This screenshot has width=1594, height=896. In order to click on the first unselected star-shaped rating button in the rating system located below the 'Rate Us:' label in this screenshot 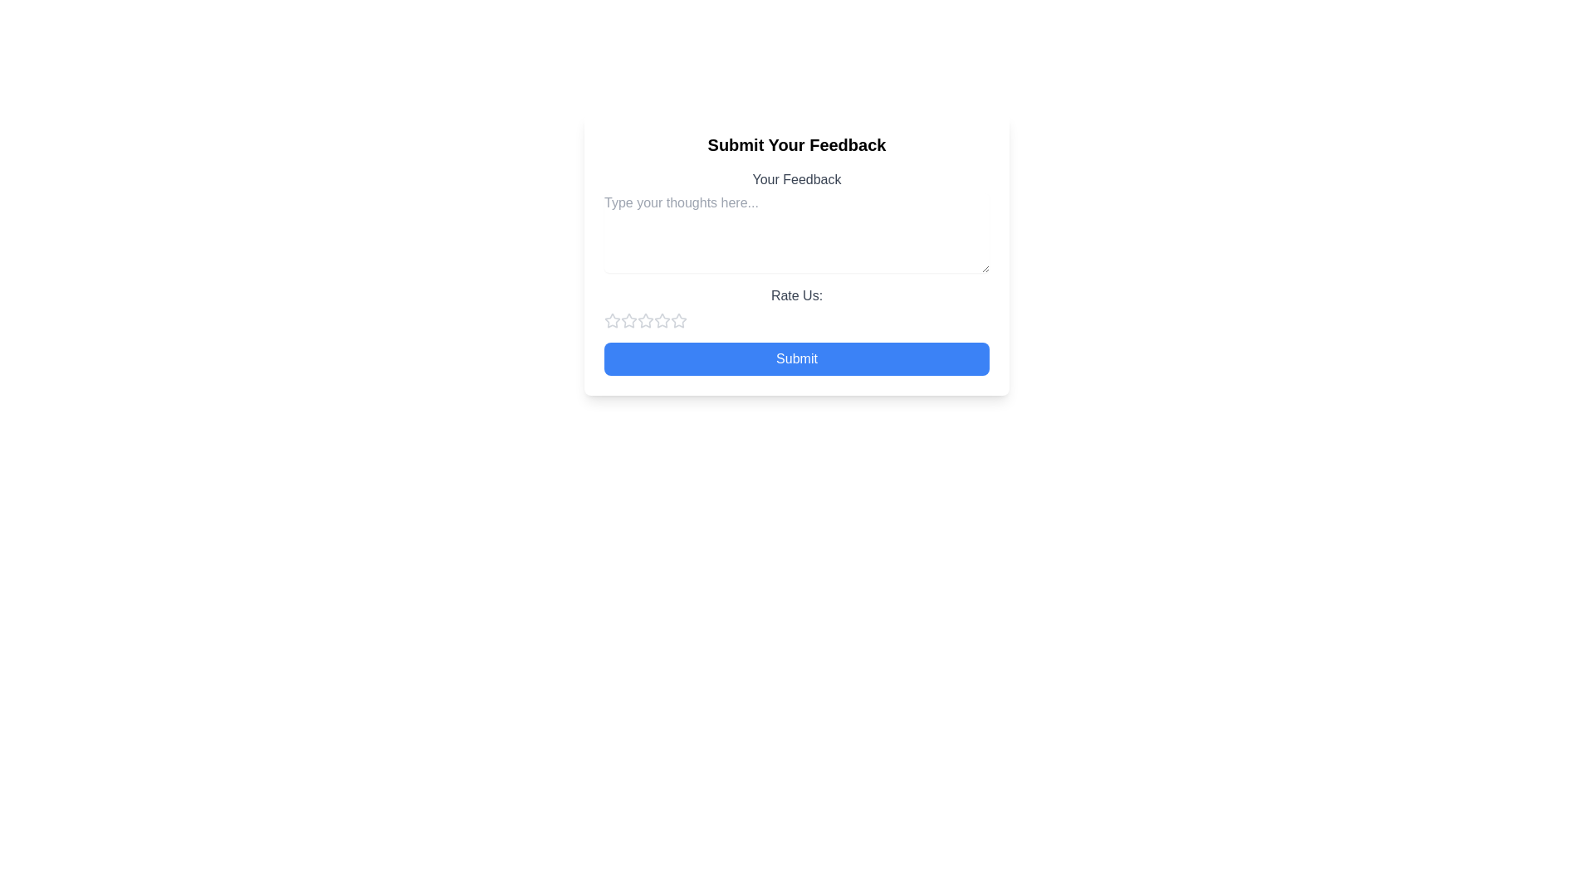, I will do `click(661, 320)`.